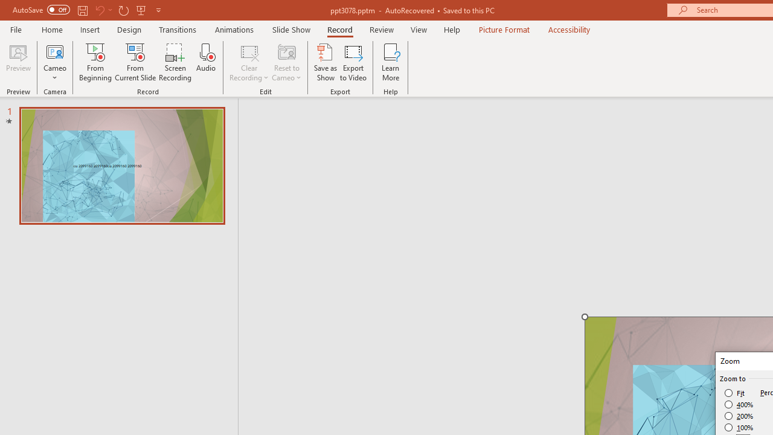 This screenshot has height=435, width=773. I want to click on 'From Current Slide...', so click(135, 62).